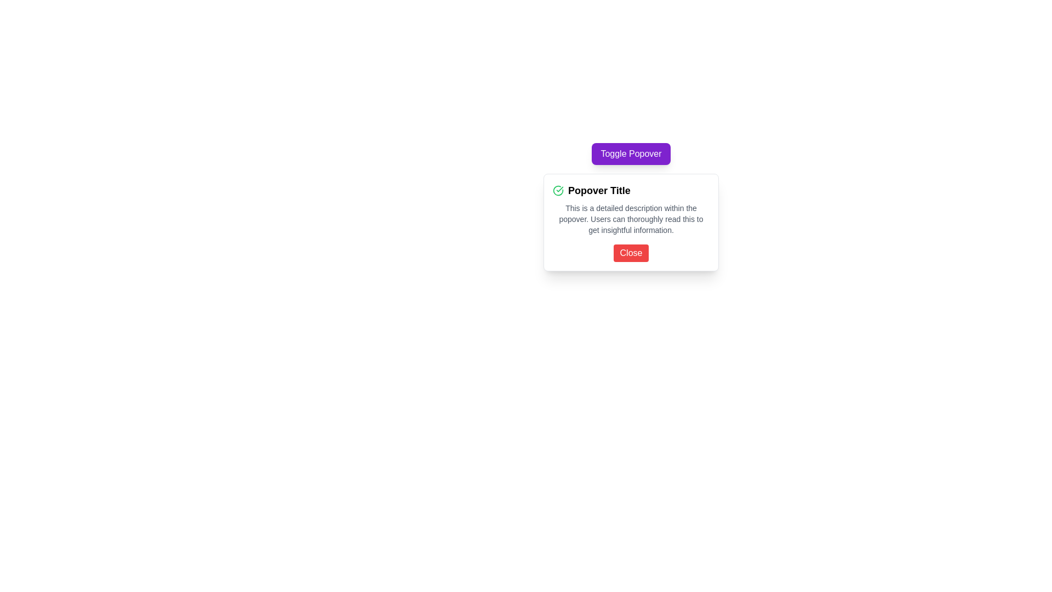  What do you see at coordinates (631, 222) in the screenshot?
I see `description of the Popover or Modal Component that contains a title 'Popover Title' and a detailed description, accessed by focusing on the central area of the modal` at bounding box center [631, 222].